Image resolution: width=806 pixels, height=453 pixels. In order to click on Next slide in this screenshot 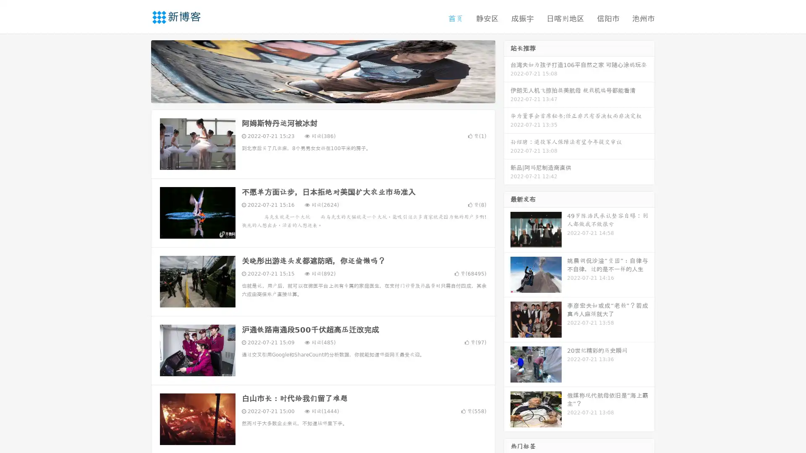, I will do `click(507, 70)`.